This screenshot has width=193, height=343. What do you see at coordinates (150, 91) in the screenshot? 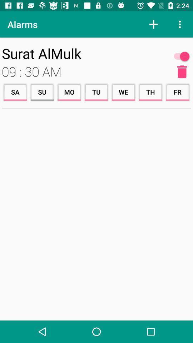
I see `item next to the we icon` at bounding box center [150, 91].